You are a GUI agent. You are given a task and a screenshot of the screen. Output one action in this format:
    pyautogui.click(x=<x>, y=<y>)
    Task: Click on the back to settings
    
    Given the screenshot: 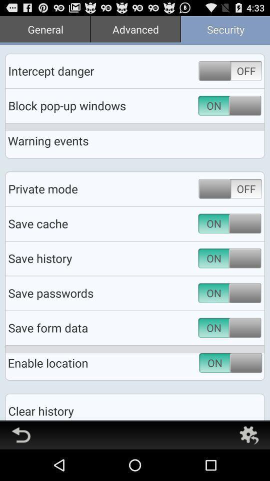 What is the action you would take?
    pyautogui.click(x=248, y=434)
    